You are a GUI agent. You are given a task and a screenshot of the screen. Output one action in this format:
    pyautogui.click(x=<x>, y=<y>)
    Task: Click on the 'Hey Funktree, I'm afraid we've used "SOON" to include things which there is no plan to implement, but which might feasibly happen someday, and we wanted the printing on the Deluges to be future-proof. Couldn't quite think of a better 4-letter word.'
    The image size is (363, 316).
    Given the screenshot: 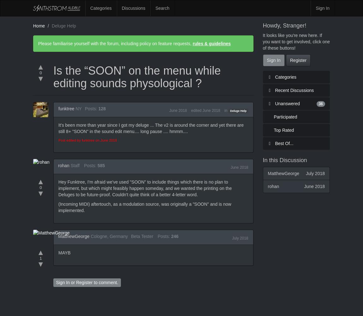 What is the action you would take?
    pyautogui.click(x=58, y=188)
    